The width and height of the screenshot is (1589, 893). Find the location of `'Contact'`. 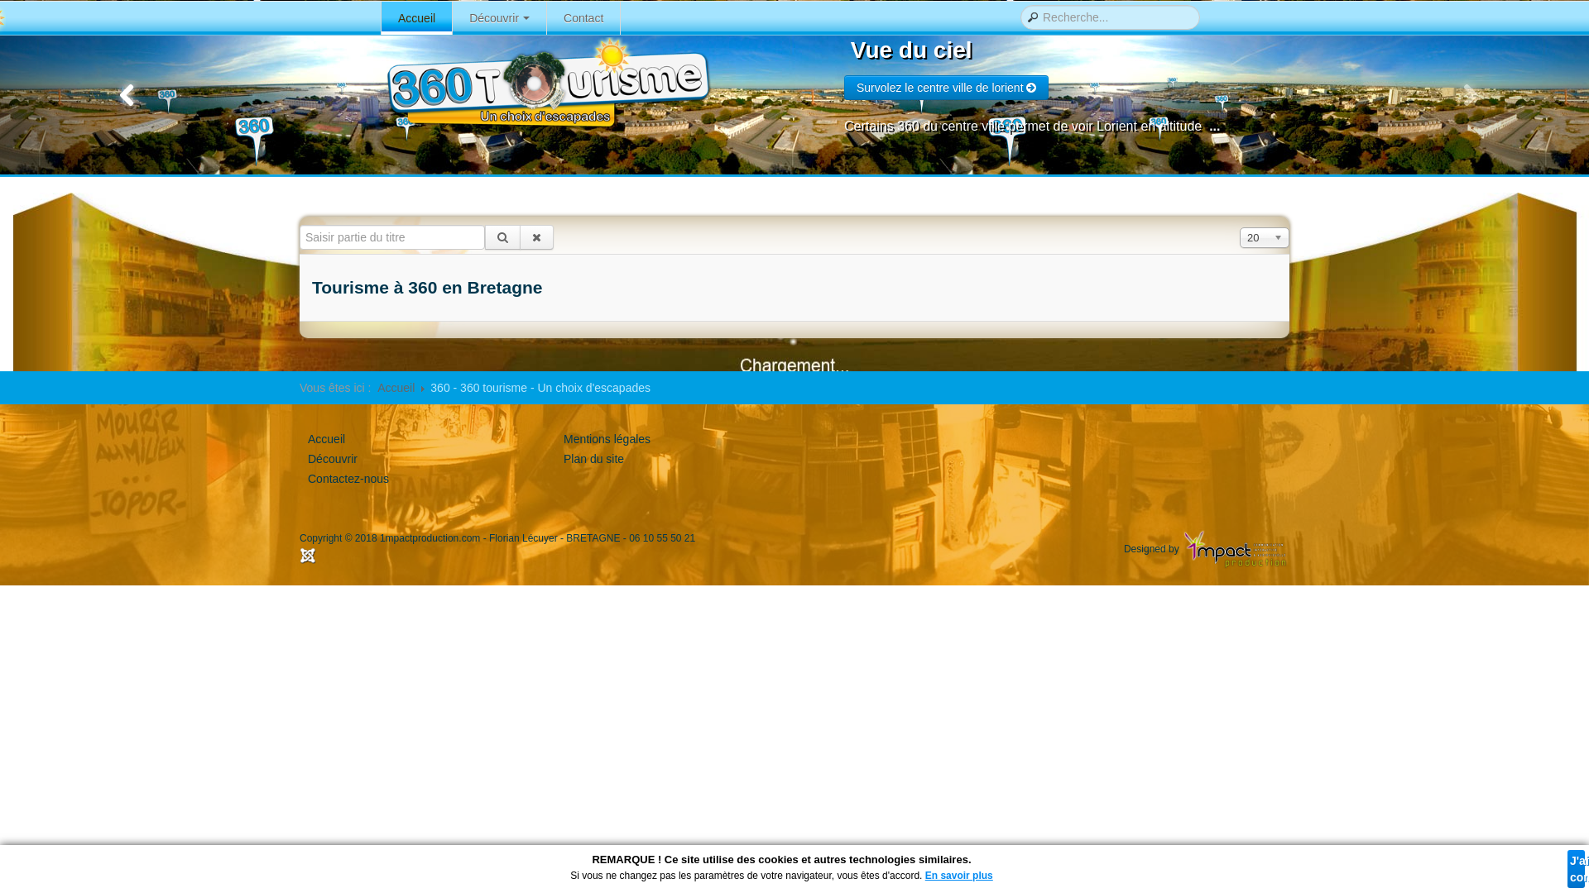

'Contact' is located at coordinates (583, 18).